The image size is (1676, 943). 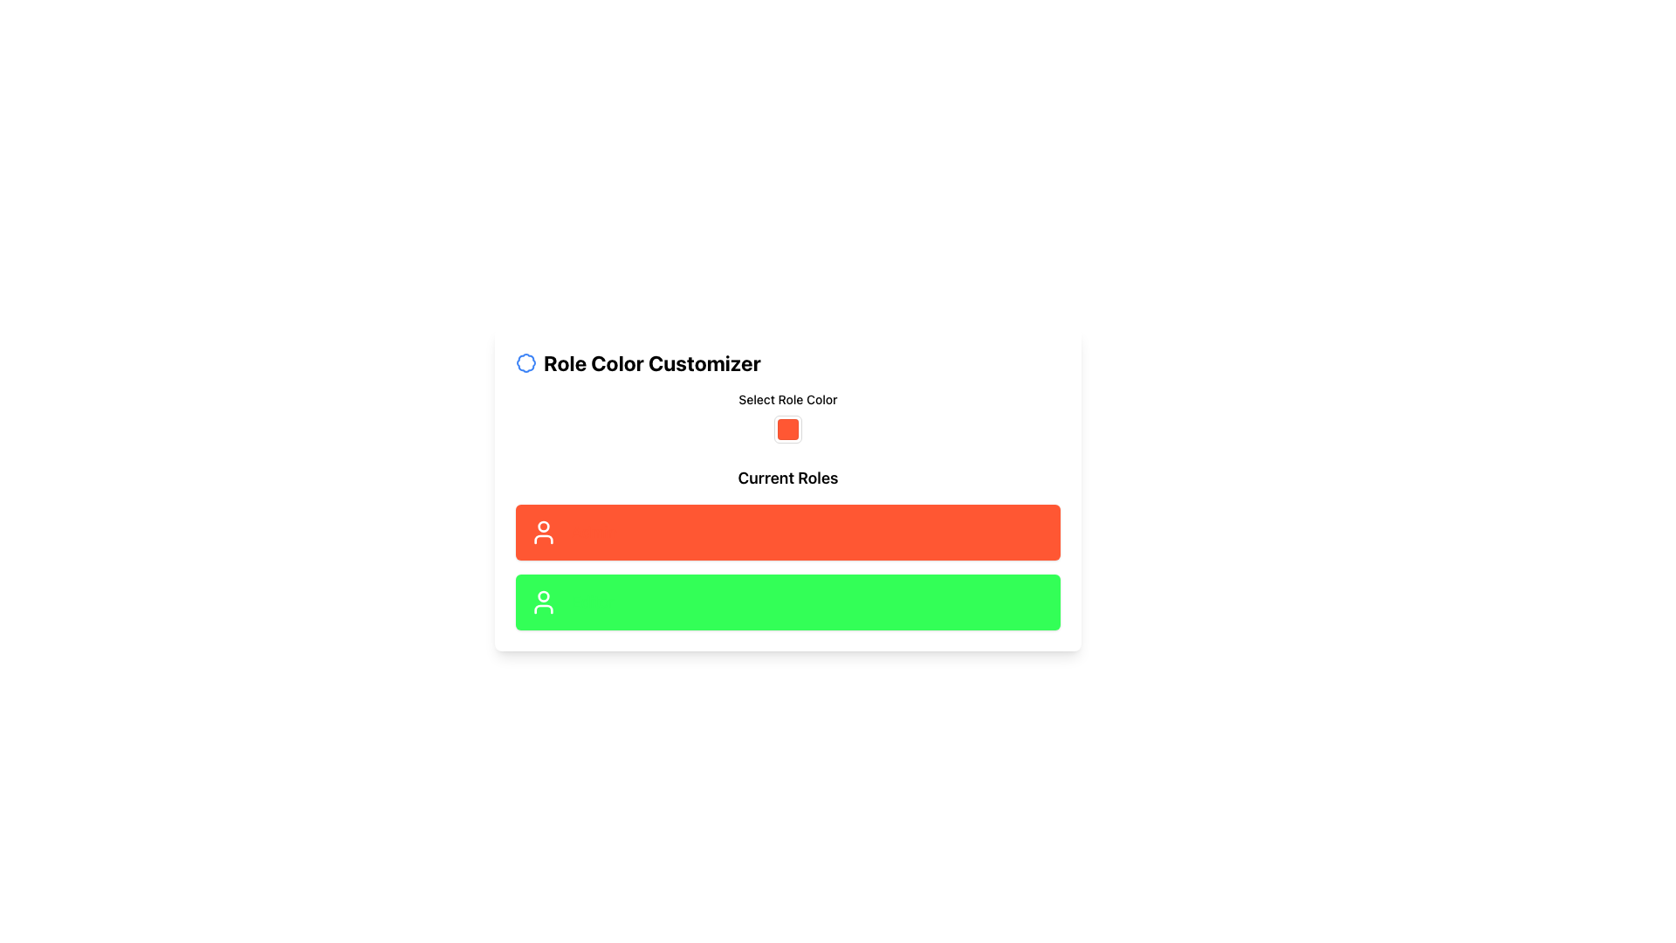 I want to click on the appearance of the graphical icon or SVG element located at the top-left corner of the interface, next to the title 'Role Color Customizer', so click(x=525, y=362).